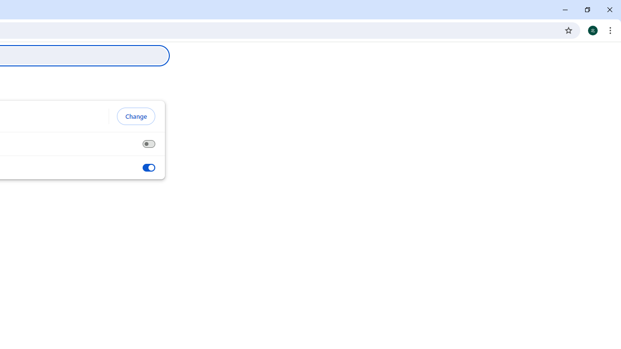 Image resolution: width=621 pixels, height=349 pixels. I want to click on 'Change', so click(135, 116).